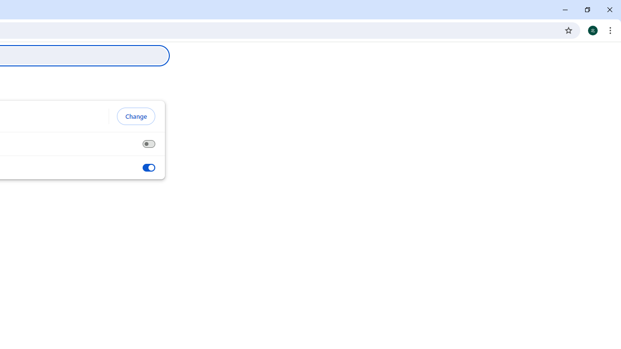 Image resolution: width=621 pixels, height=349 pixels. I want to click on 'Change', so click(135, 116).